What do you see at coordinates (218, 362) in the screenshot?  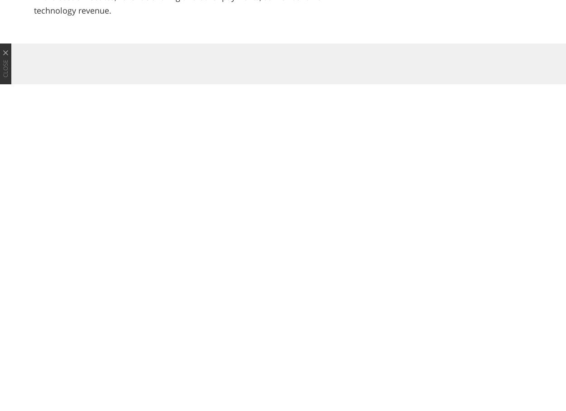 I see `'Supply Shortages And Port Delays Driving Holiday Shoppers To Start Early This Season'` at bounding box center [218, 362].